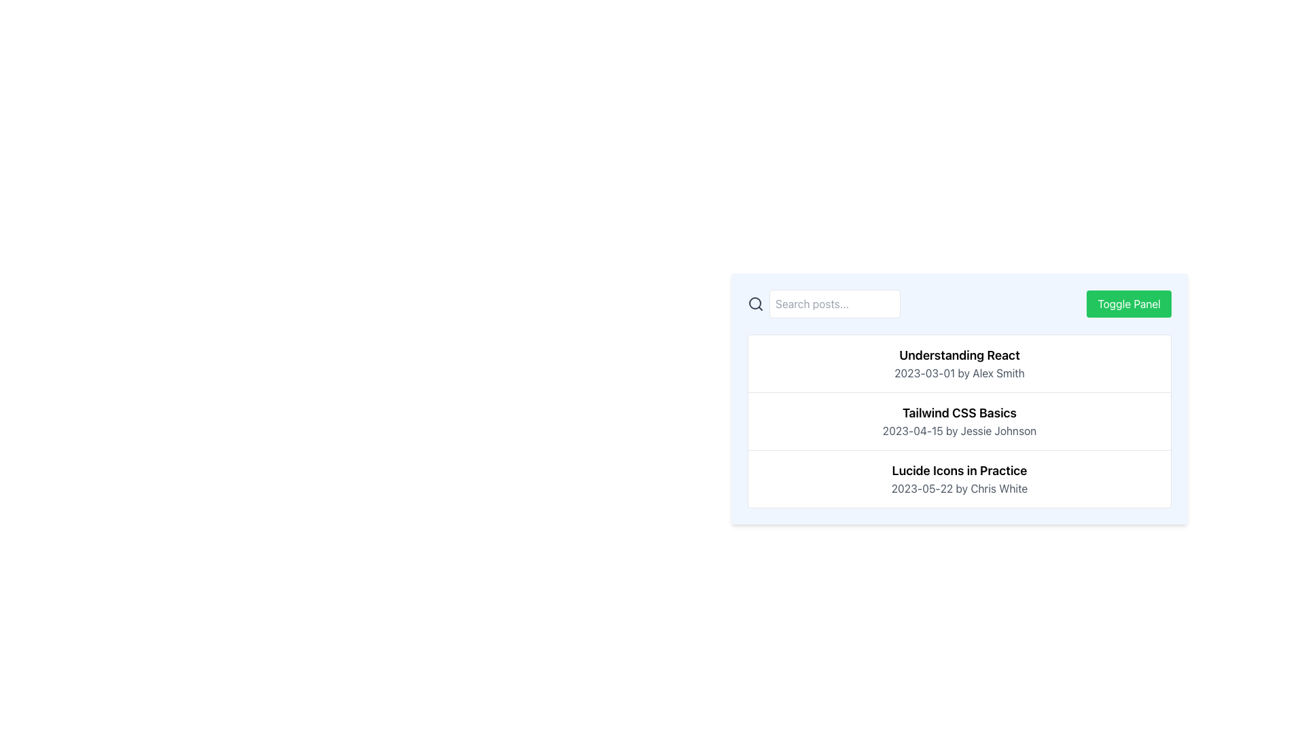  Describe the element at coordinates (1129, 303) in the screenshot. I see `the 'Toggle Panel' button, which is a green rectangular button with rounded corners and white center-aligned text` at that location.